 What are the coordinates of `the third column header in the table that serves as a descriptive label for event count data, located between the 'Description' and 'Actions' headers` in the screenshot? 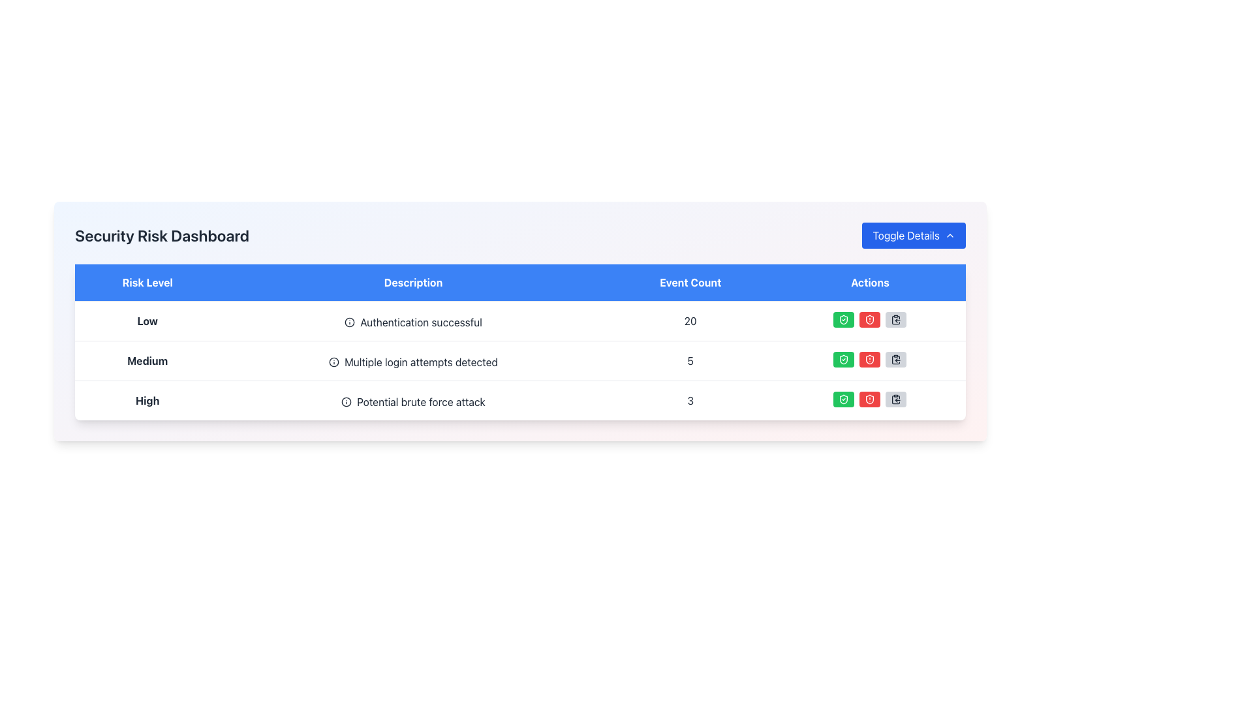 It's located at (690, 282).